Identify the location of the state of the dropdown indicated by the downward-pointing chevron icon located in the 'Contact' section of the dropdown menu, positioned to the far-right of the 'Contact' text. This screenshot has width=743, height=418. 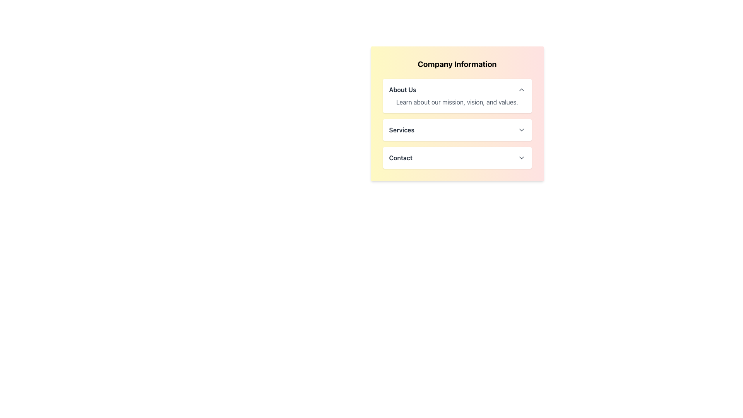
(521, 158).